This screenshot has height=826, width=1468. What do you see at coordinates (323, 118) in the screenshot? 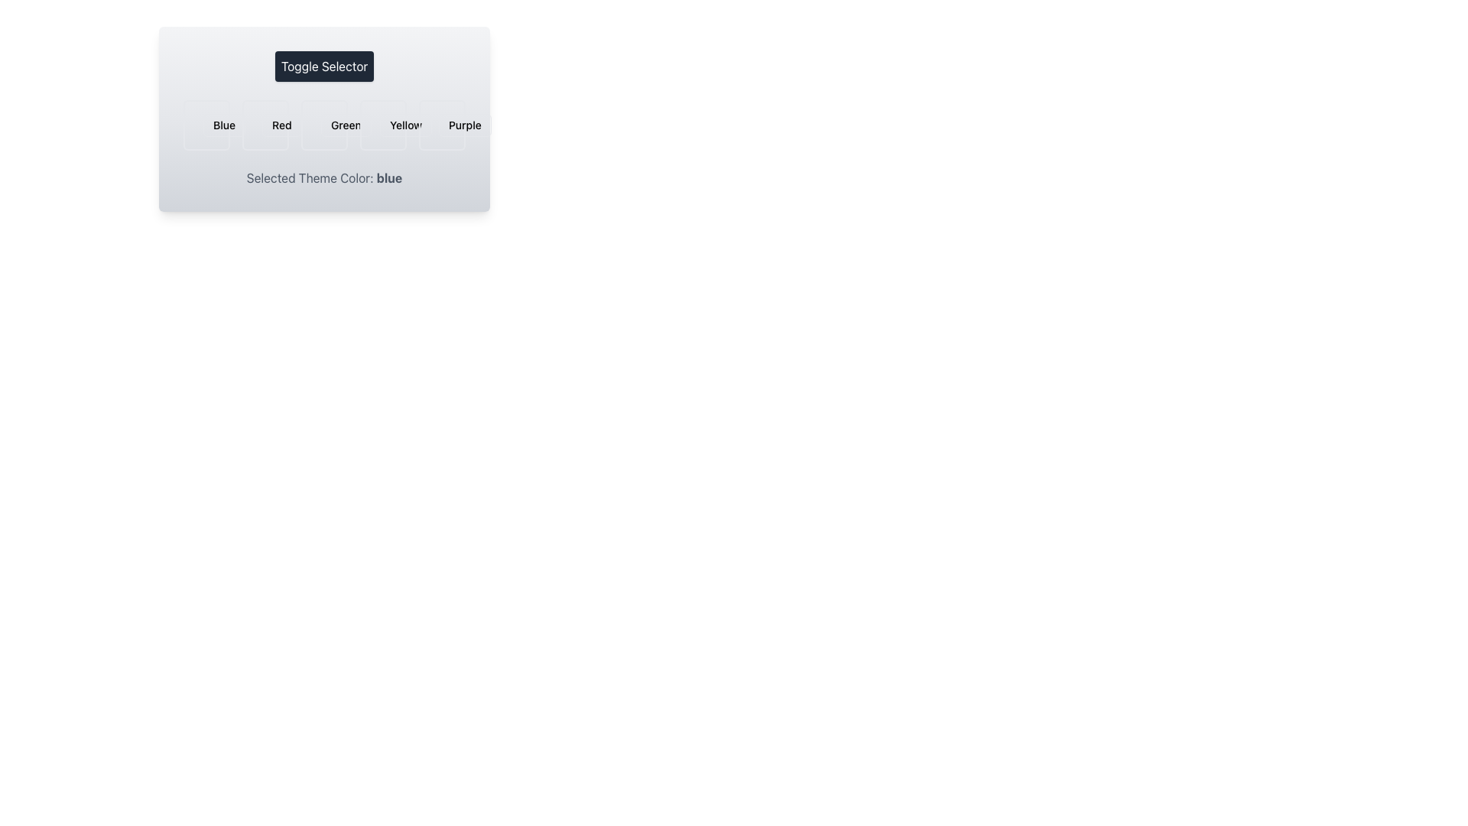
I see `one of the color options in the Toggle selector widget` at bounding box center [323, 118].